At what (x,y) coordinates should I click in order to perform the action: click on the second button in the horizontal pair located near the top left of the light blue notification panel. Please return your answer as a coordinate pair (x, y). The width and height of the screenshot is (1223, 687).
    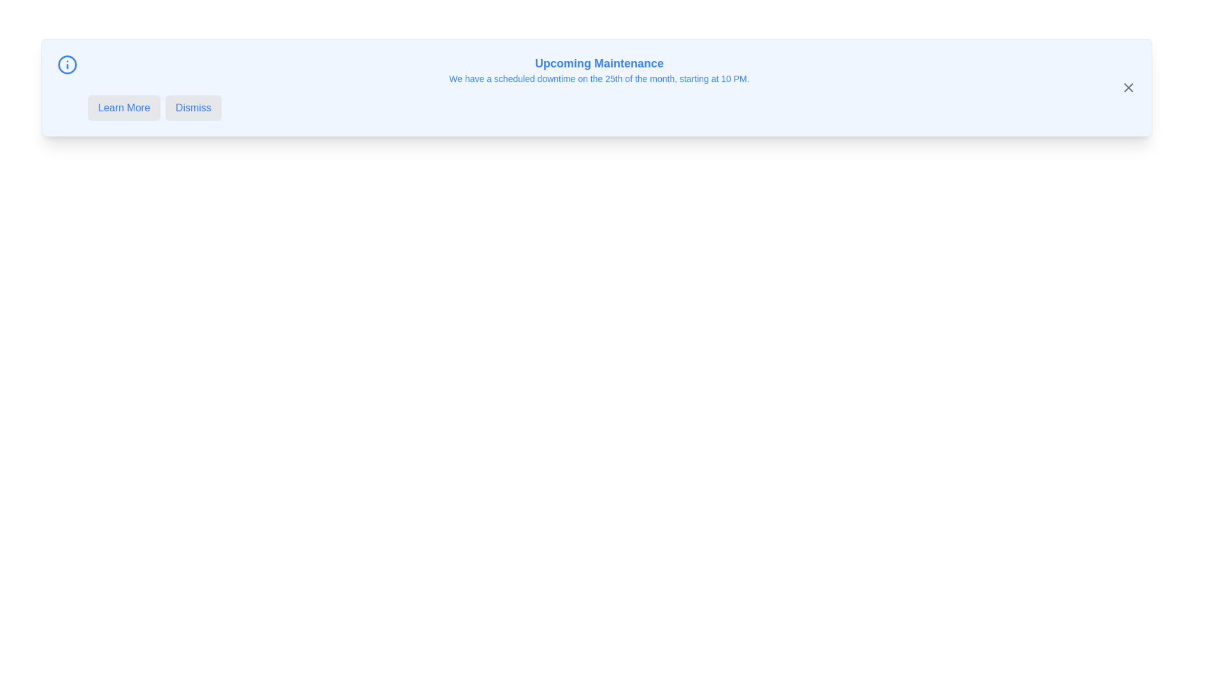
    Looking at the image, I should click on (192, 107).